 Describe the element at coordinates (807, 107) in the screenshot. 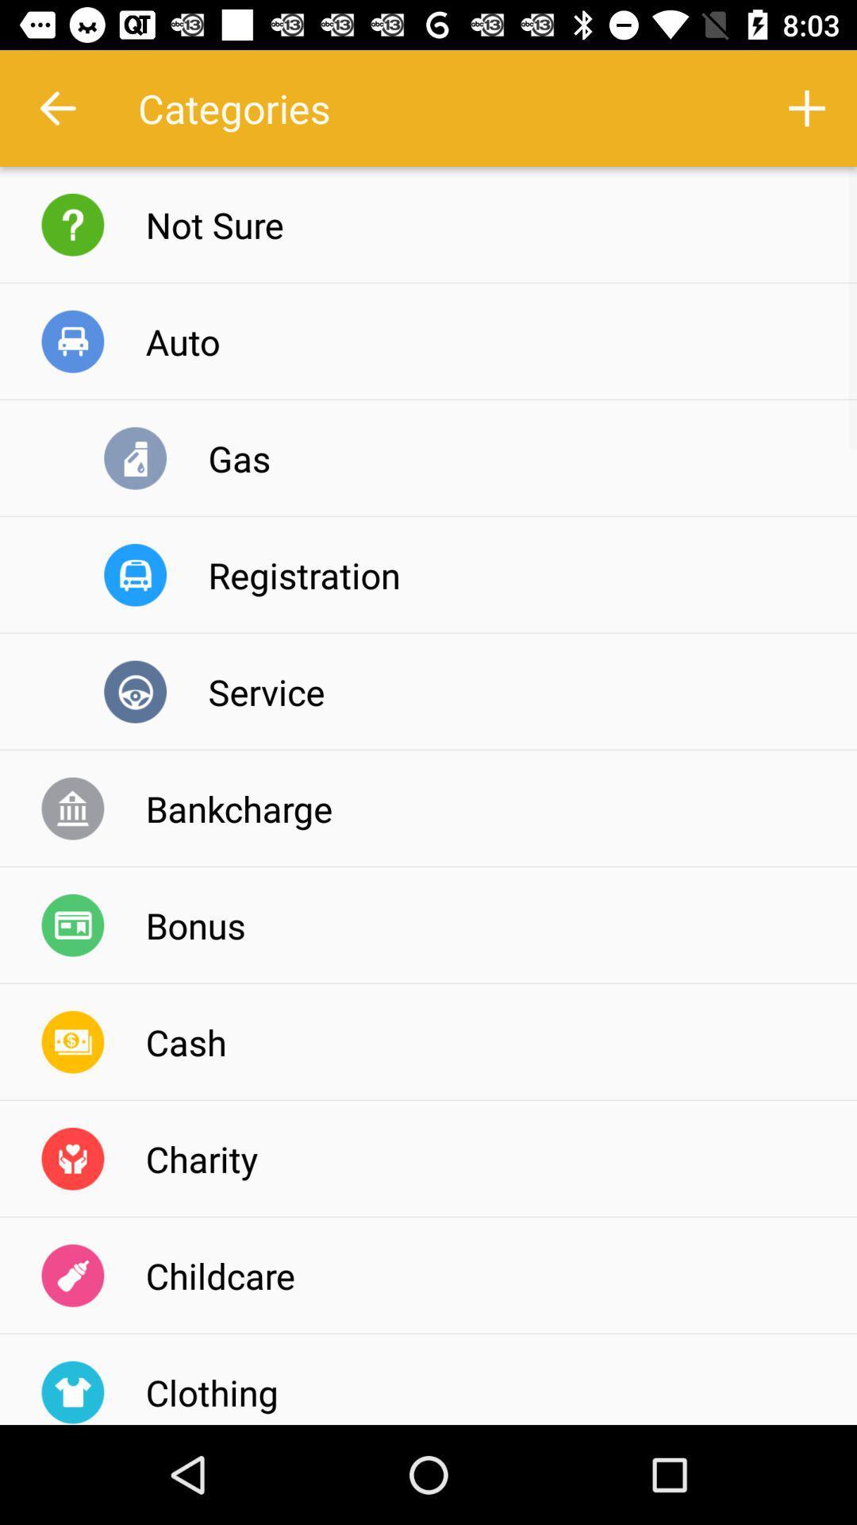

I see `the icon next to the categories` at that location.